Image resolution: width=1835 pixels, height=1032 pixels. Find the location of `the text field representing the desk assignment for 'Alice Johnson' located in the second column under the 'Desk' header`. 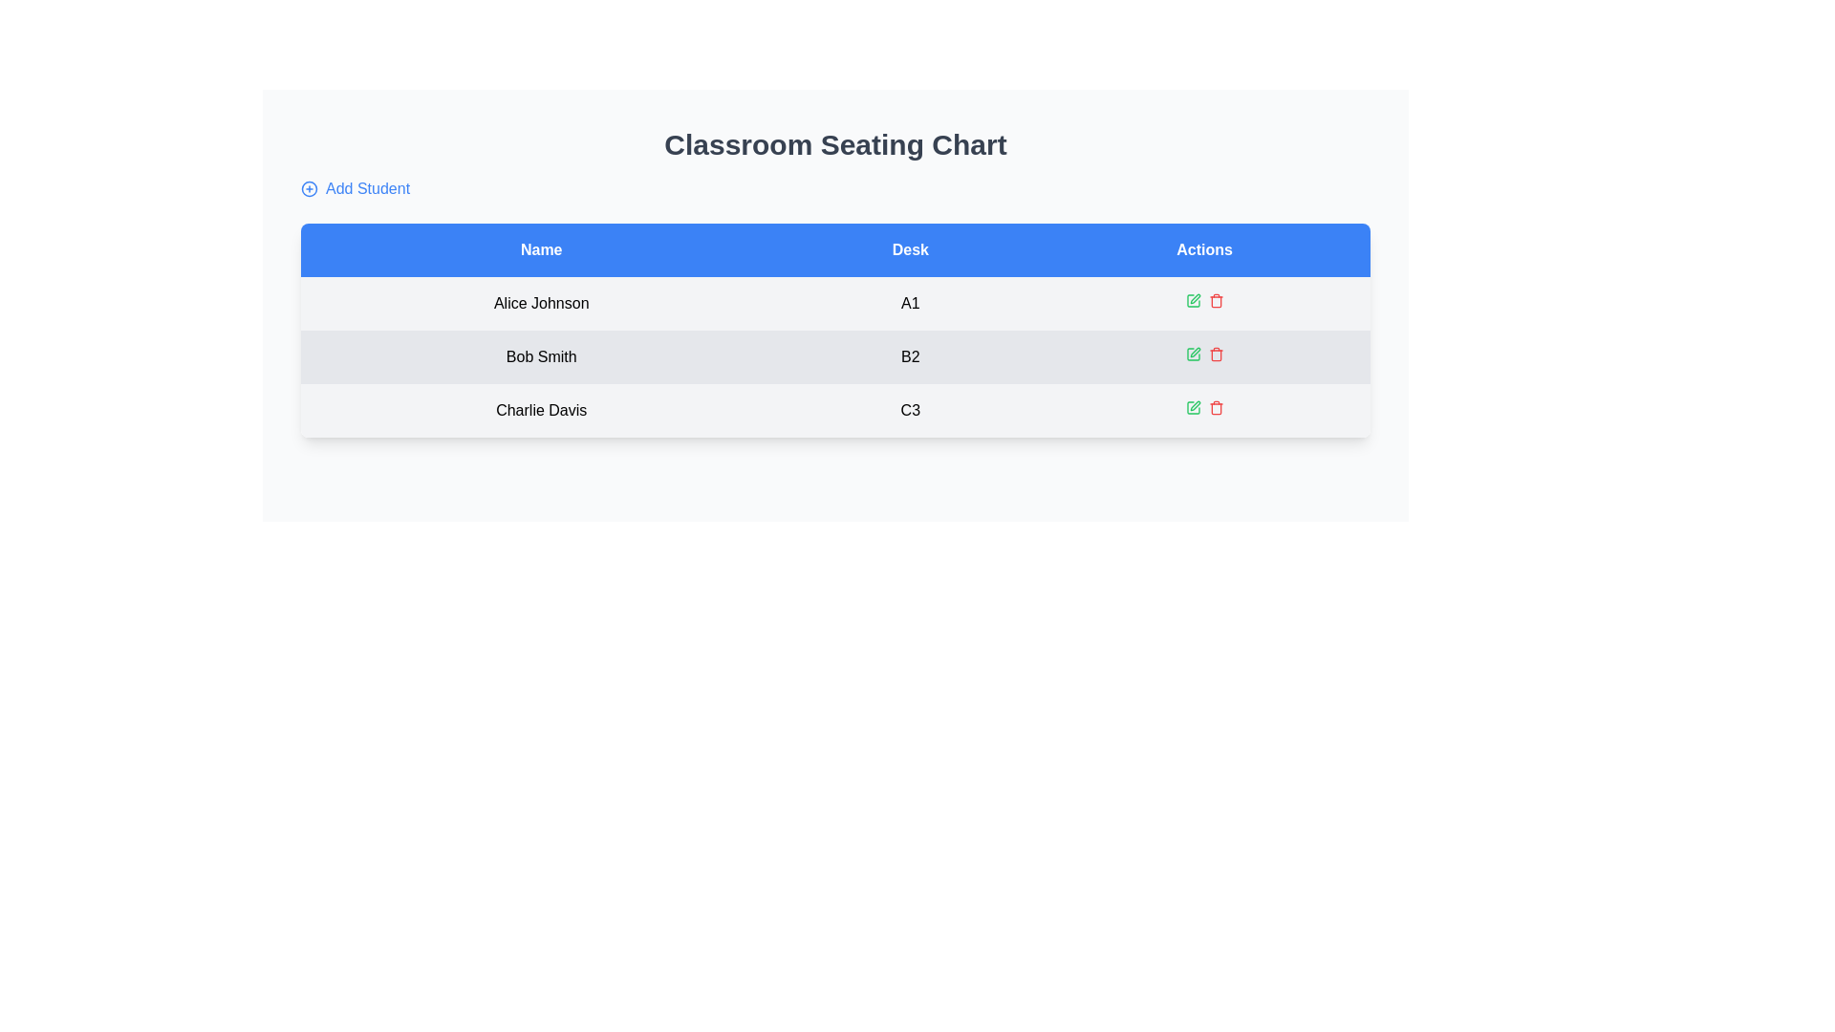

the text field representing the desk assignment for 'Alice Johnson' located in the second column under the 'Desk' header is located at coordinates (909, 302).